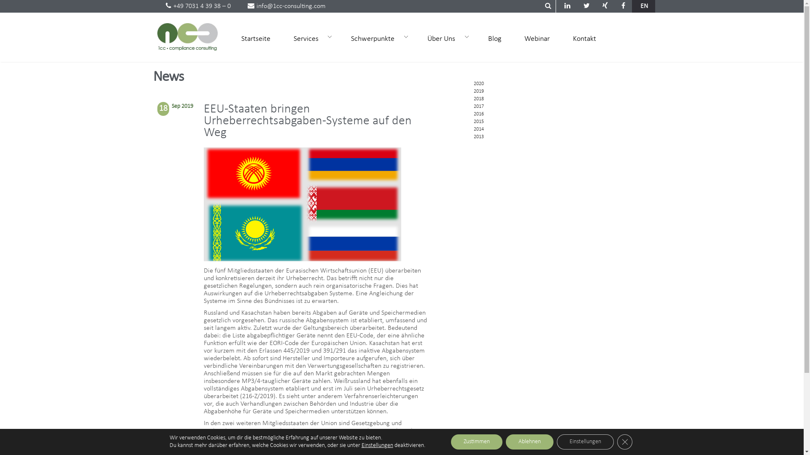  What do you see at coordinates (536, 38) in the screenshot?
I see `'Webinar'` at bounding box center [536, 38].